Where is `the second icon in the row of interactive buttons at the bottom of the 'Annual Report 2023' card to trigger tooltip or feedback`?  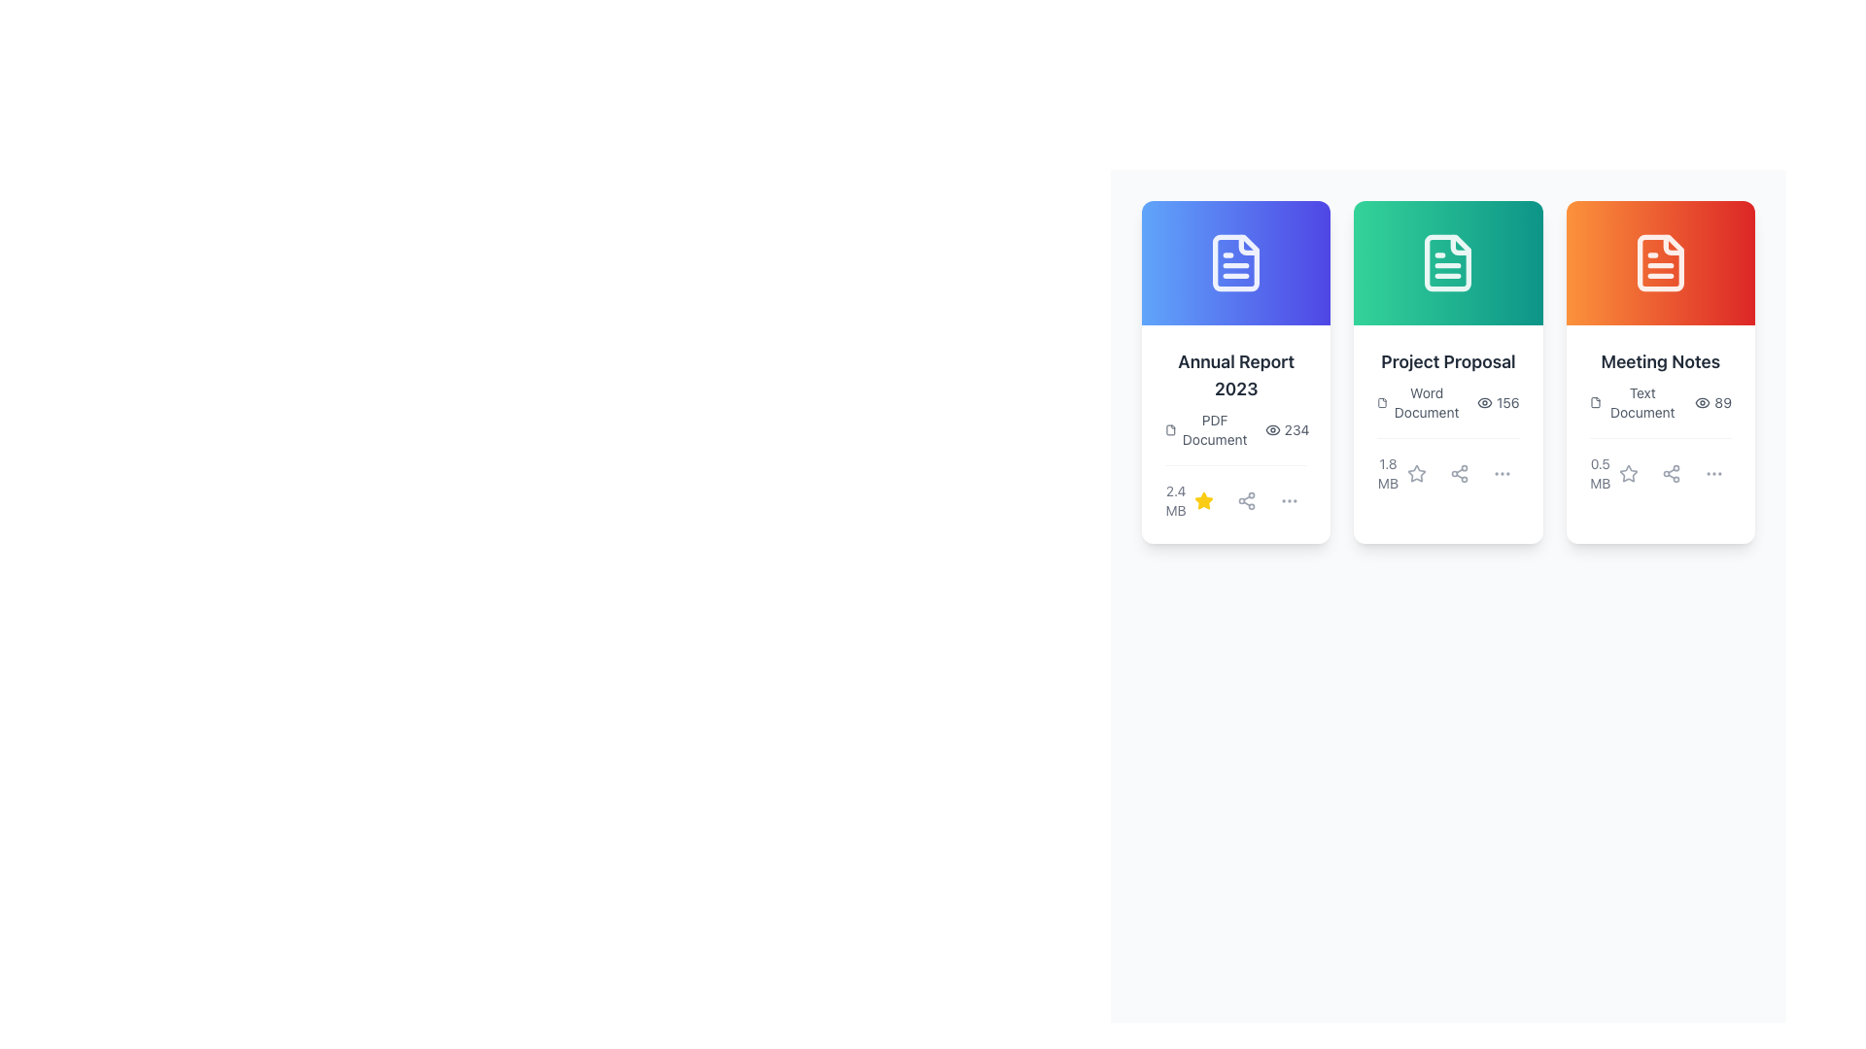 the second icon in the row of interactive buttons at the bottom of the 'Annual Report 2023' card to trigger tooltip or feedback is located at coordinates (1247, 500).